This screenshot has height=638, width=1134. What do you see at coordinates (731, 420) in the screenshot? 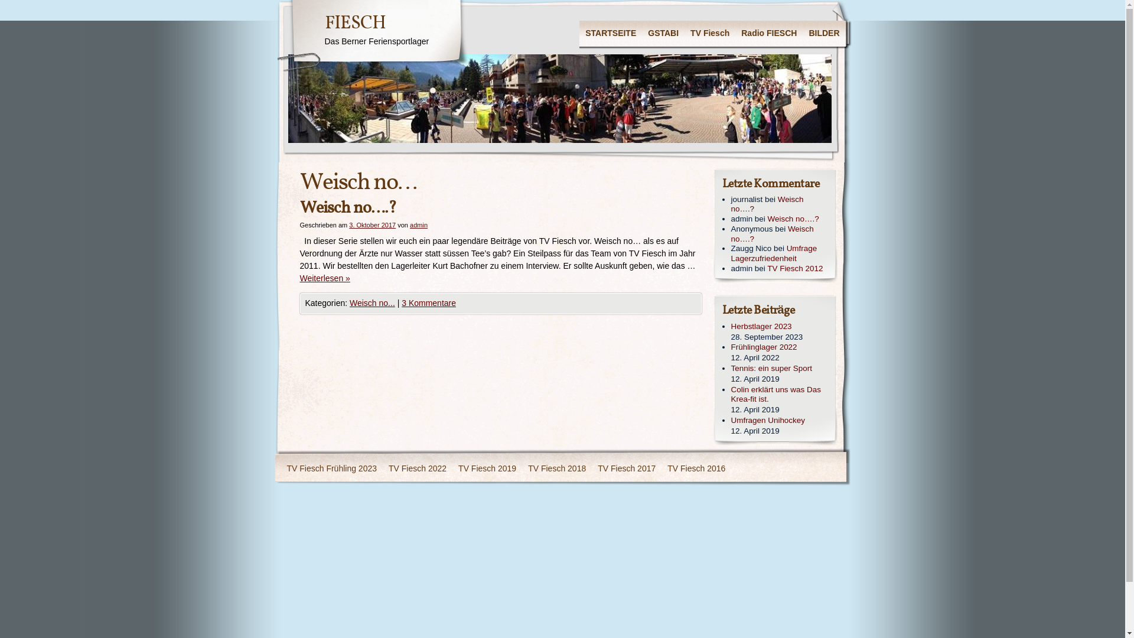
I see `'Umfragen Unihockey'` at bounding box center [731, 420].